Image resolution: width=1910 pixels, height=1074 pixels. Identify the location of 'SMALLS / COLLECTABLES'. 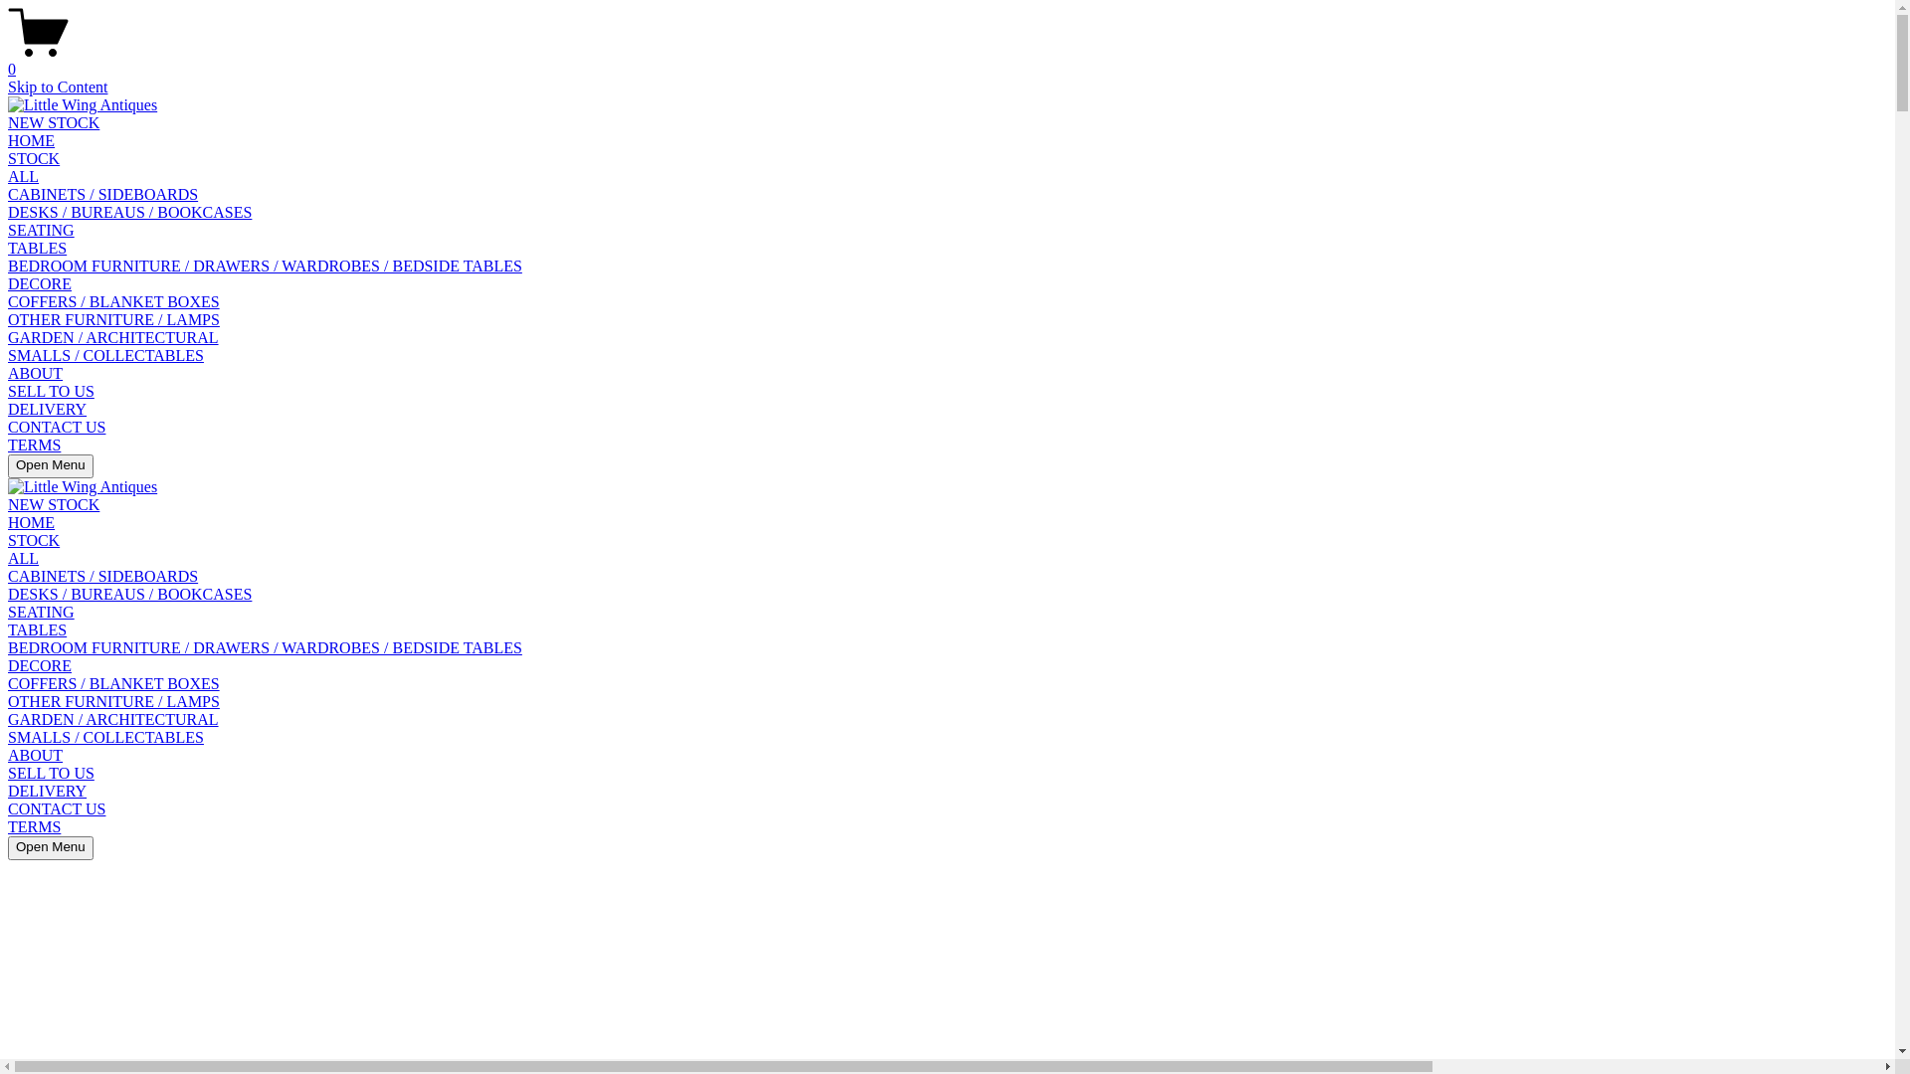
(104, 737).